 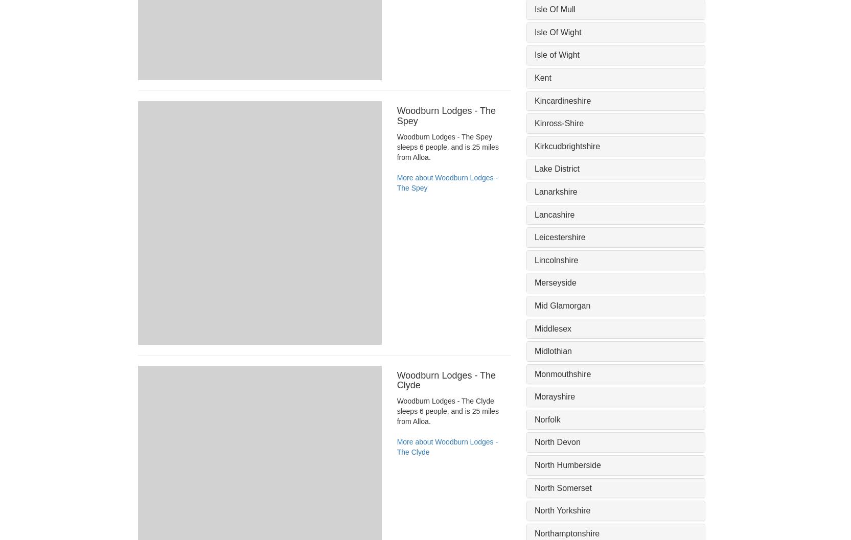 What do you see at coordinates (447, 182) in the screenshot?
I see `'More about Woodburn Lodges - The Spey'` at bounding box center [447, 182].